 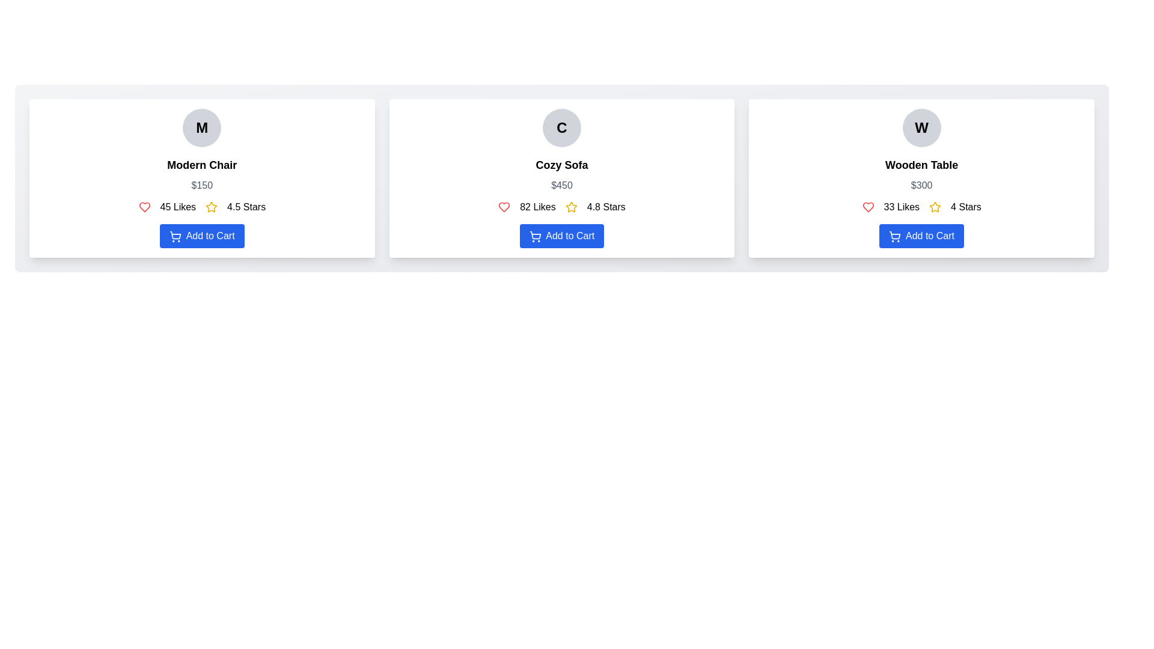 What do you see at coordinates (935, 206) in the screenshot?
I see `the star icon representing the product rating for the 'Wooden Table', which is positioned to the right of the '33 Likes' heart icon` at bounding box center [935, 206].